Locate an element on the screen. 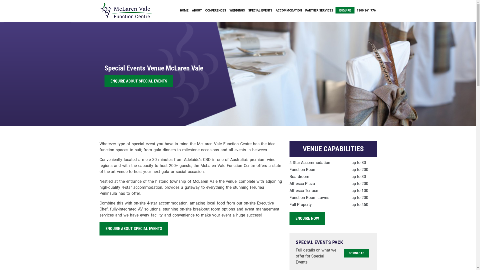  'ACCOMMODATION' is located at coordinates (289, 10).